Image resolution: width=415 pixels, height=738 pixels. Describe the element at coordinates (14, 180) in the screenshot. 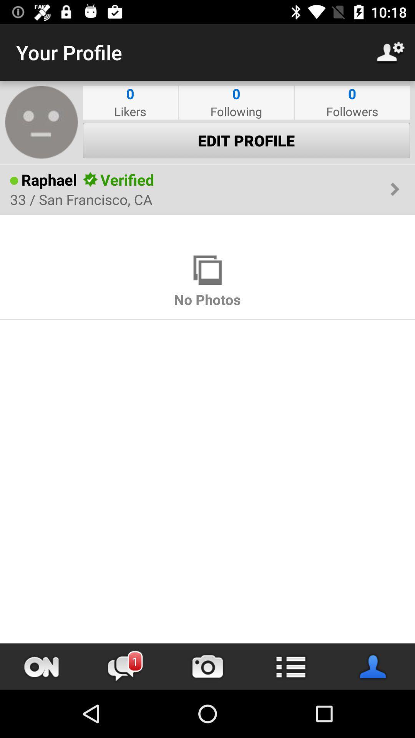

I see `the icon next to the raphael` at that location.